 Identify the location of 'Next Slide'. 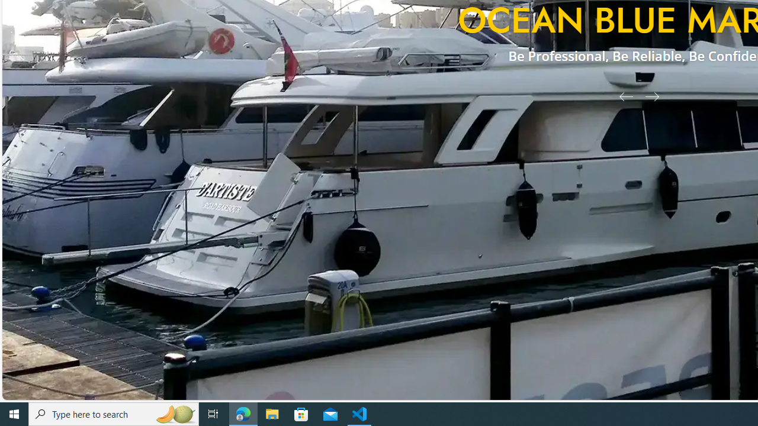
(656, 95).